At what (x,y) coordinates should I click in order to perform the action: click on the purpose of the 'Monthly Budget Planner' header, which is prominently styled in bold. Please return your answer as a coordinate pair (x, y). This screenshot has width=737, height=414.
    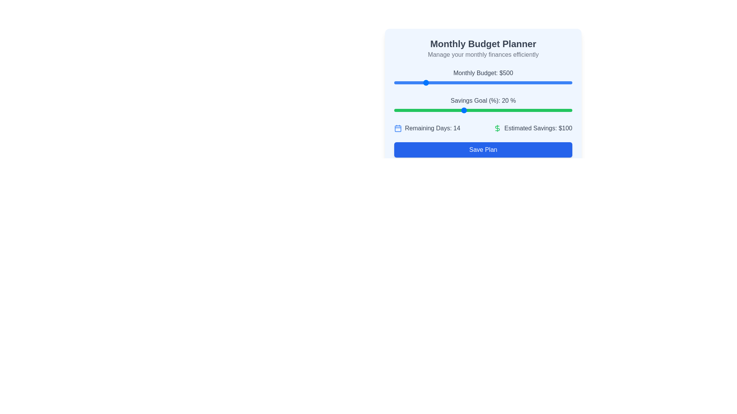
    Looking at the image, I should click on (483, 44).